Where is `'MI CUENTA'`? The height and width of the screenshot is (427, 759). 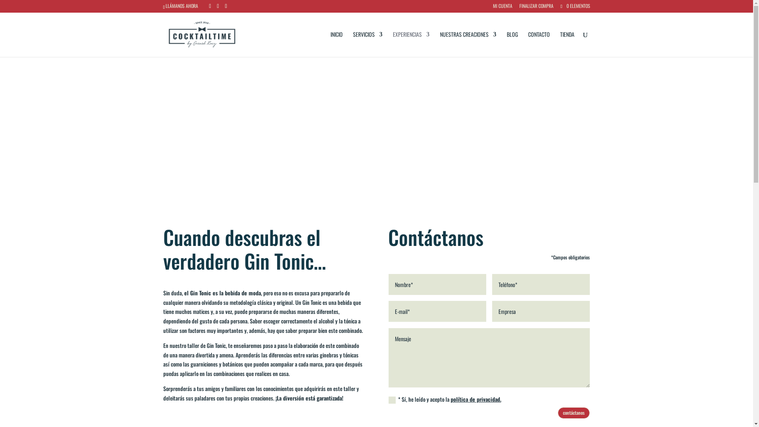
'MI CUENTA' is located at coordinates (502, 8).